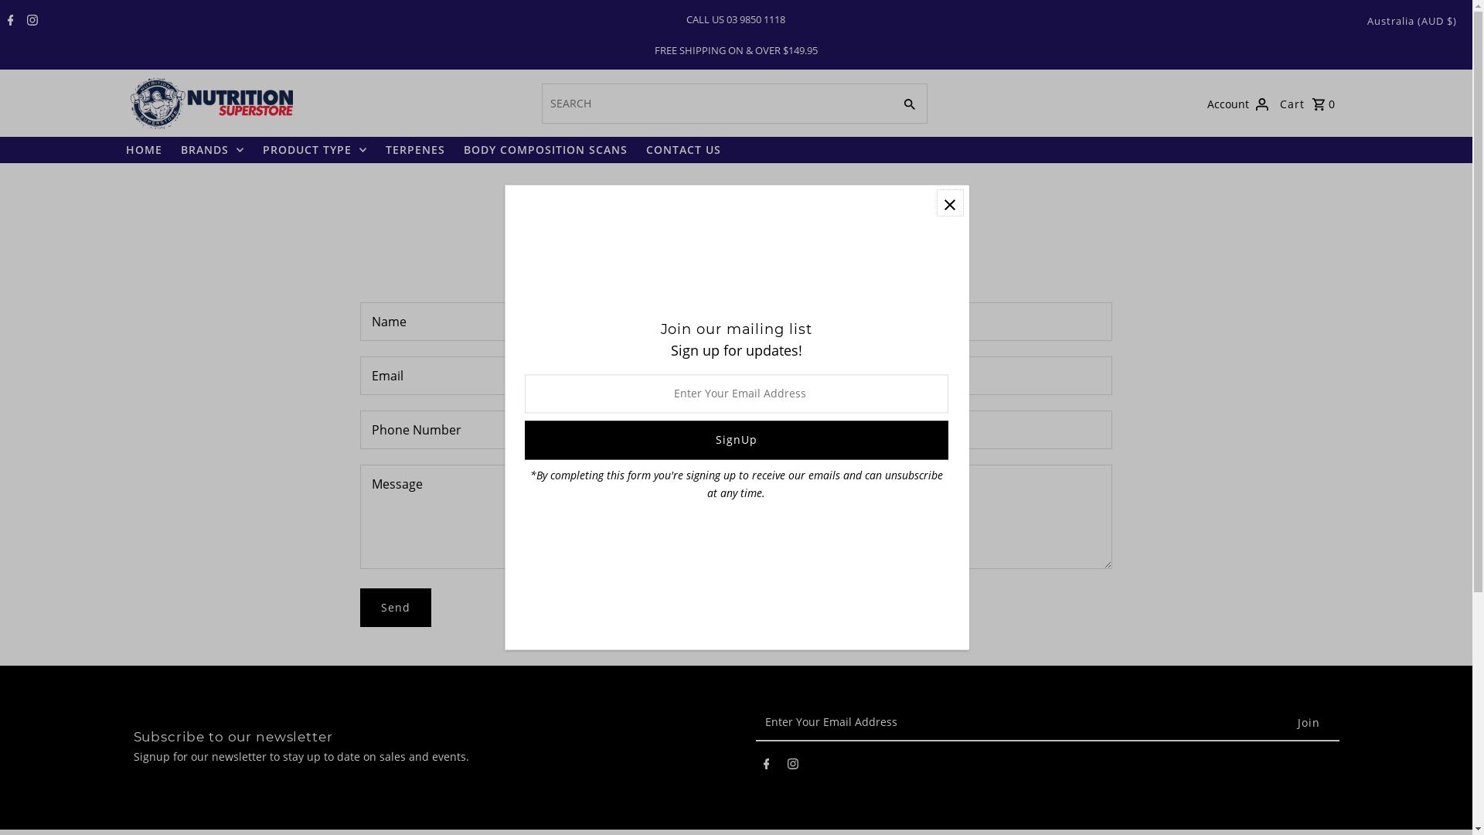 The width and height of the screenshot is (1484, 835). Describe the element at coordinates (1367, 21) in the screenshot. I see `'Australia (AUD $)'` at that location.